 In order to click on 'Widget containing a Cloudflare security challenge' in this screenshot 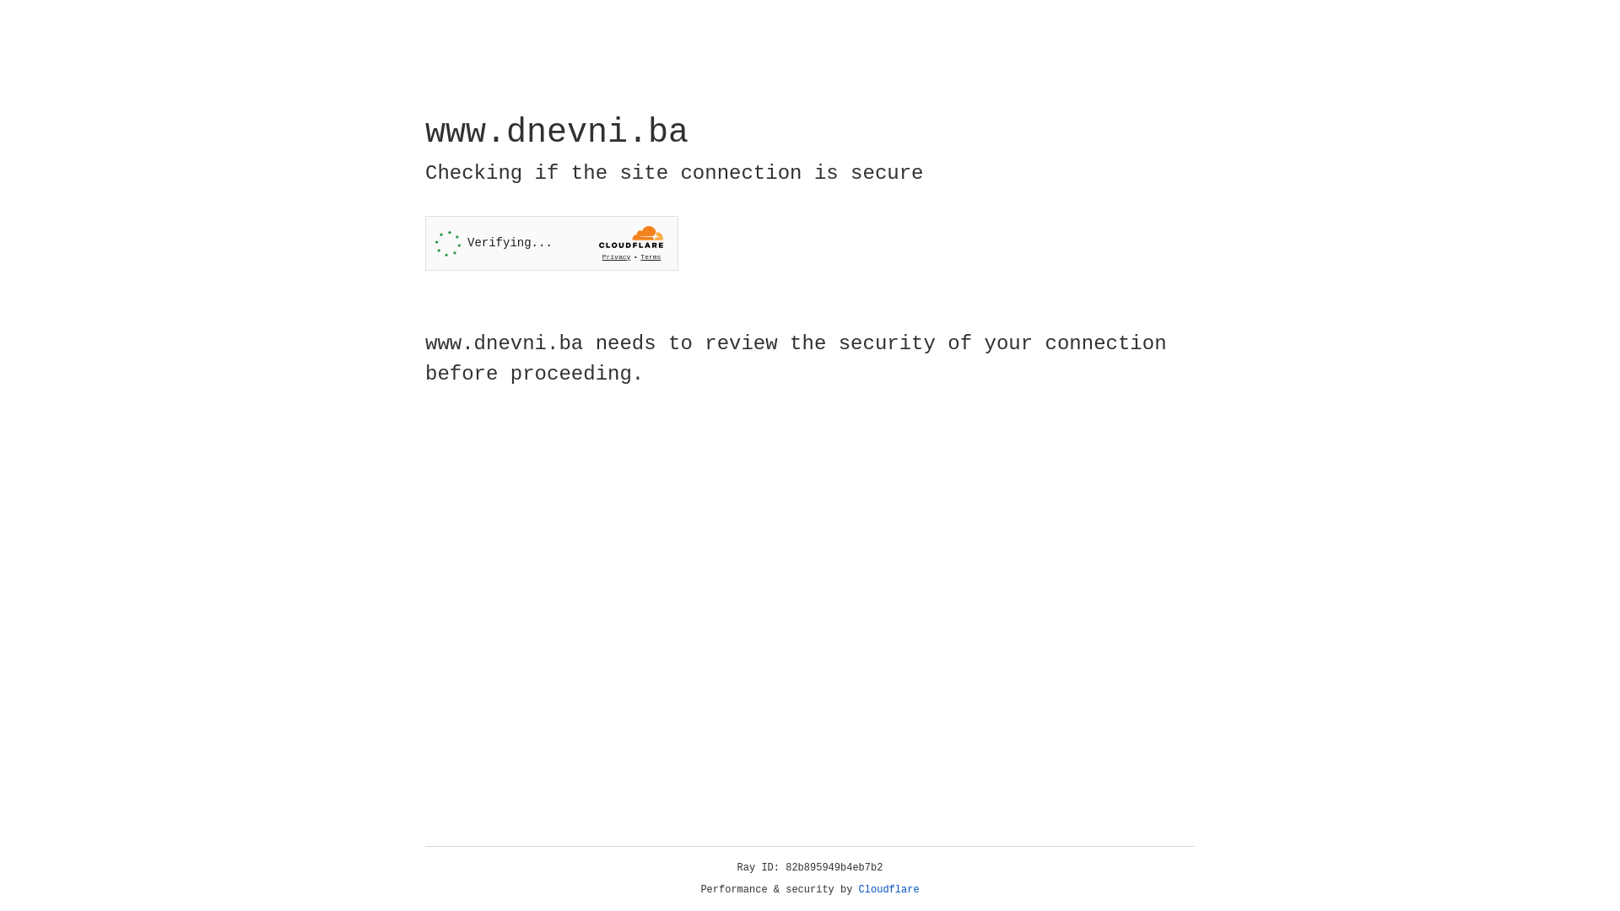, I will do `click(551, 243)`.